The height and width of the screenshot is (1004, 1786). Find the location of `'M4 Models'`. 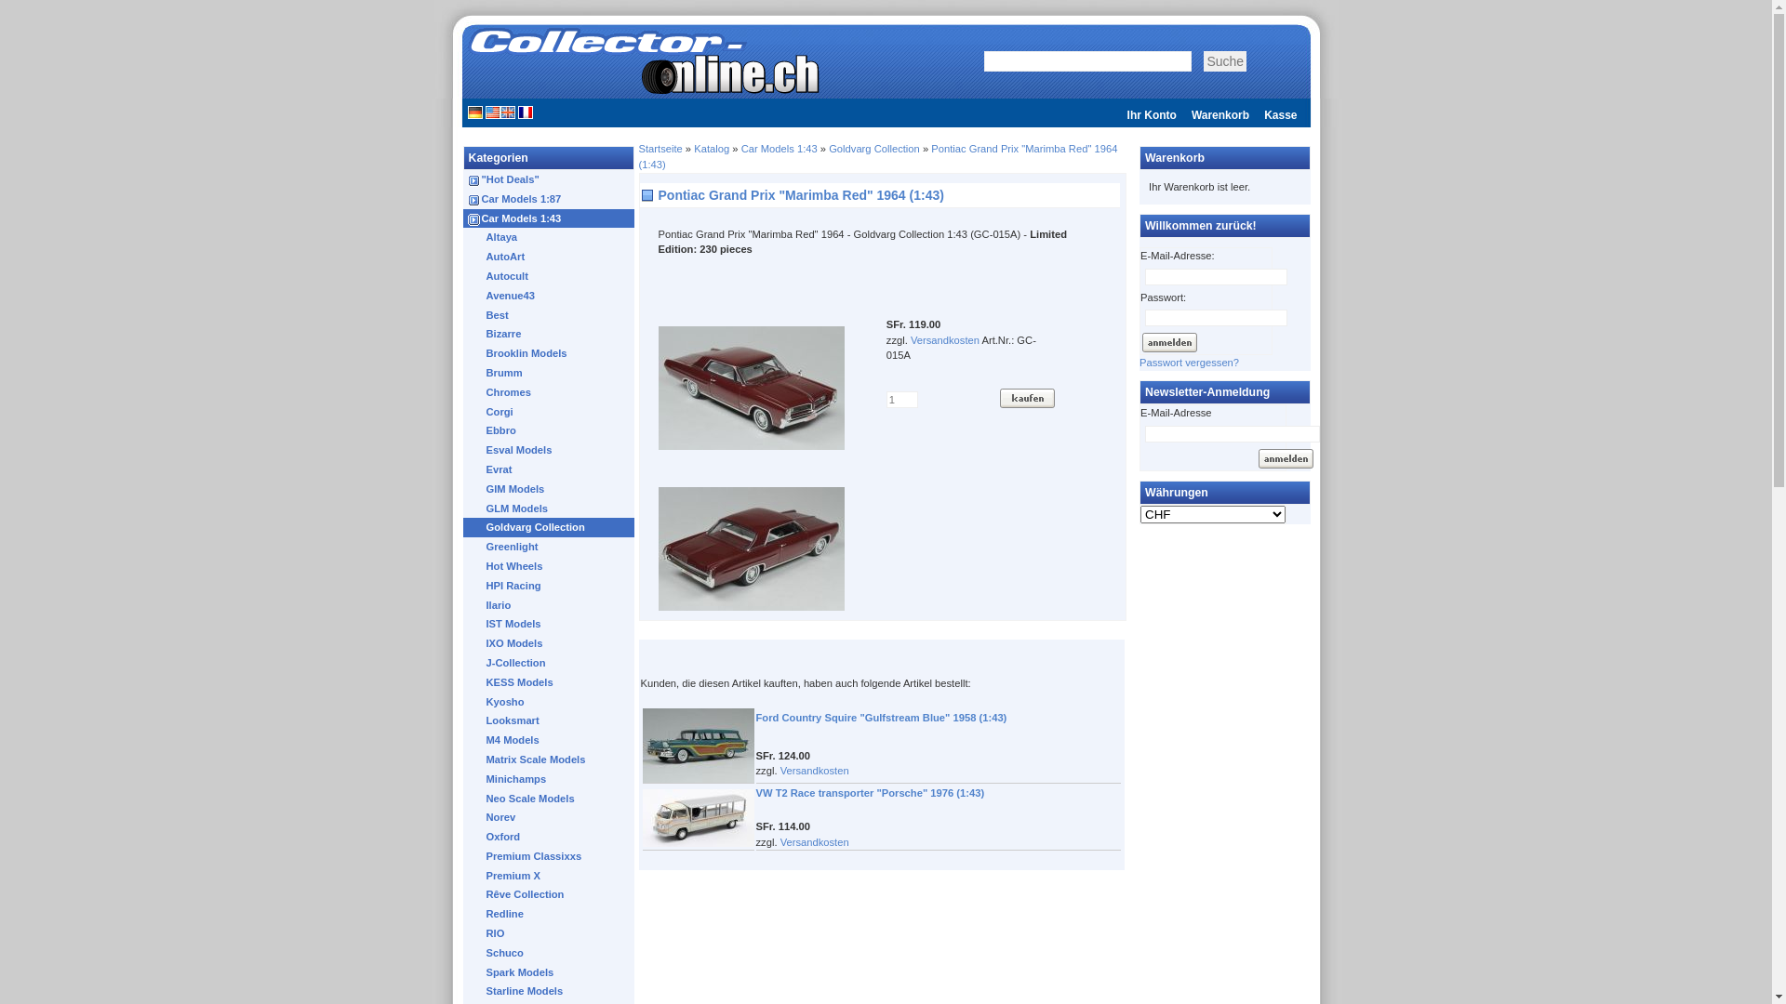

'M4 Models' is located at coordinates (551, 739).